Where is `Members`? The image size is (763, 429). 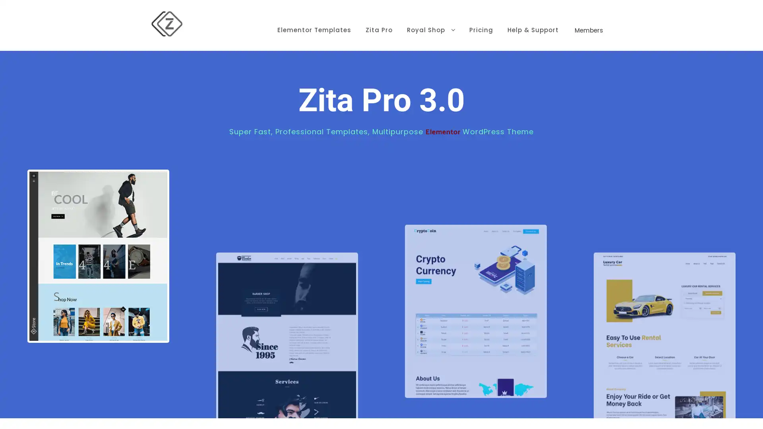
Members is located at coordinates (589, 18).